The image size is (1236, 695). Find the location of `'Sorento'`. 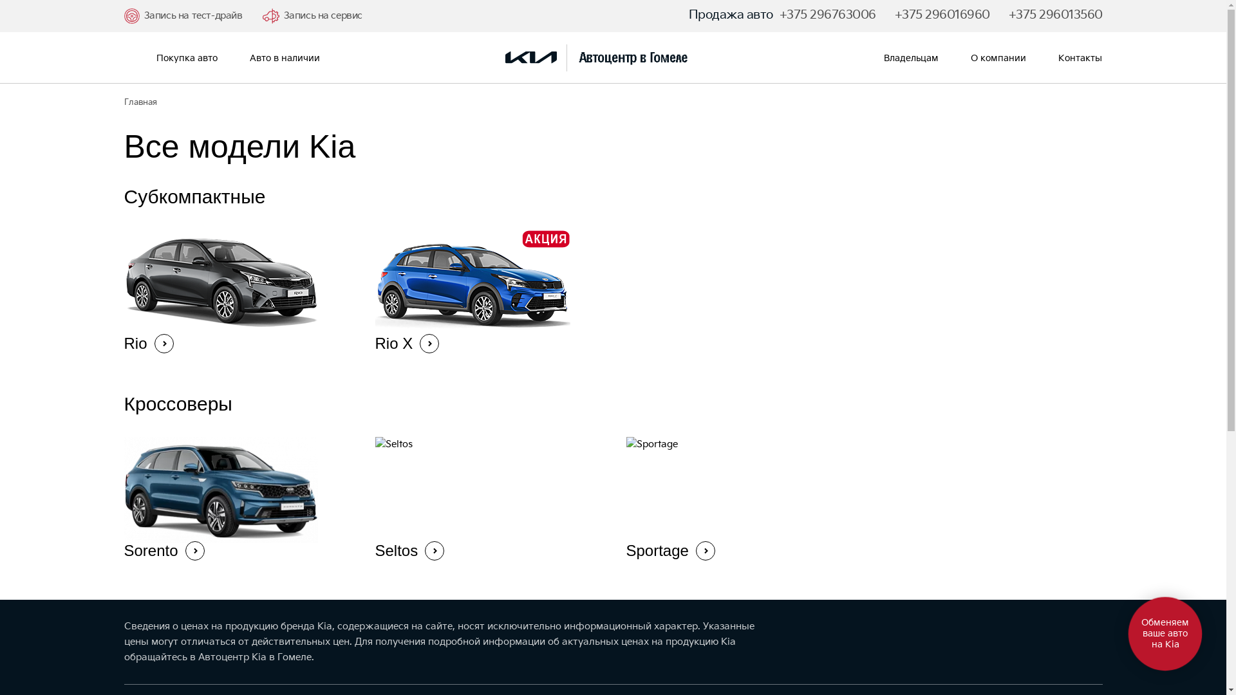

'Sorento' is located at coordinates (236, 499).